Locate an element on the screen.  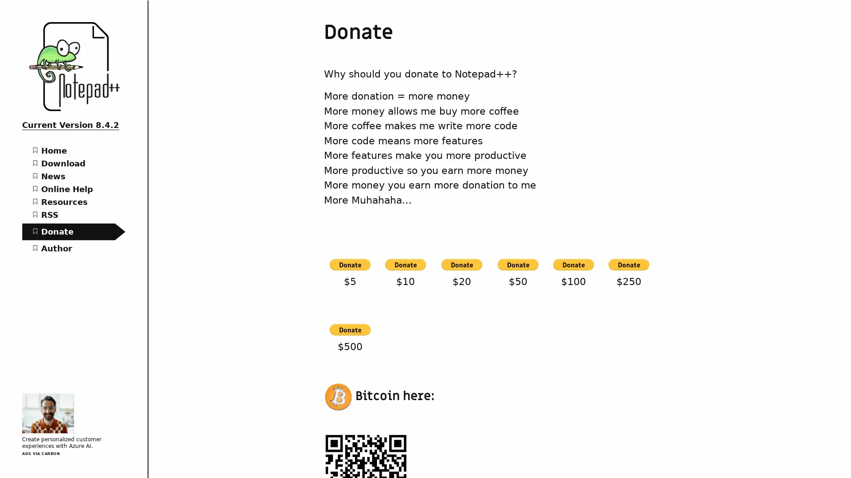
PayPal - The safer, easier way to pay online! is located at coordinates (461, 264).